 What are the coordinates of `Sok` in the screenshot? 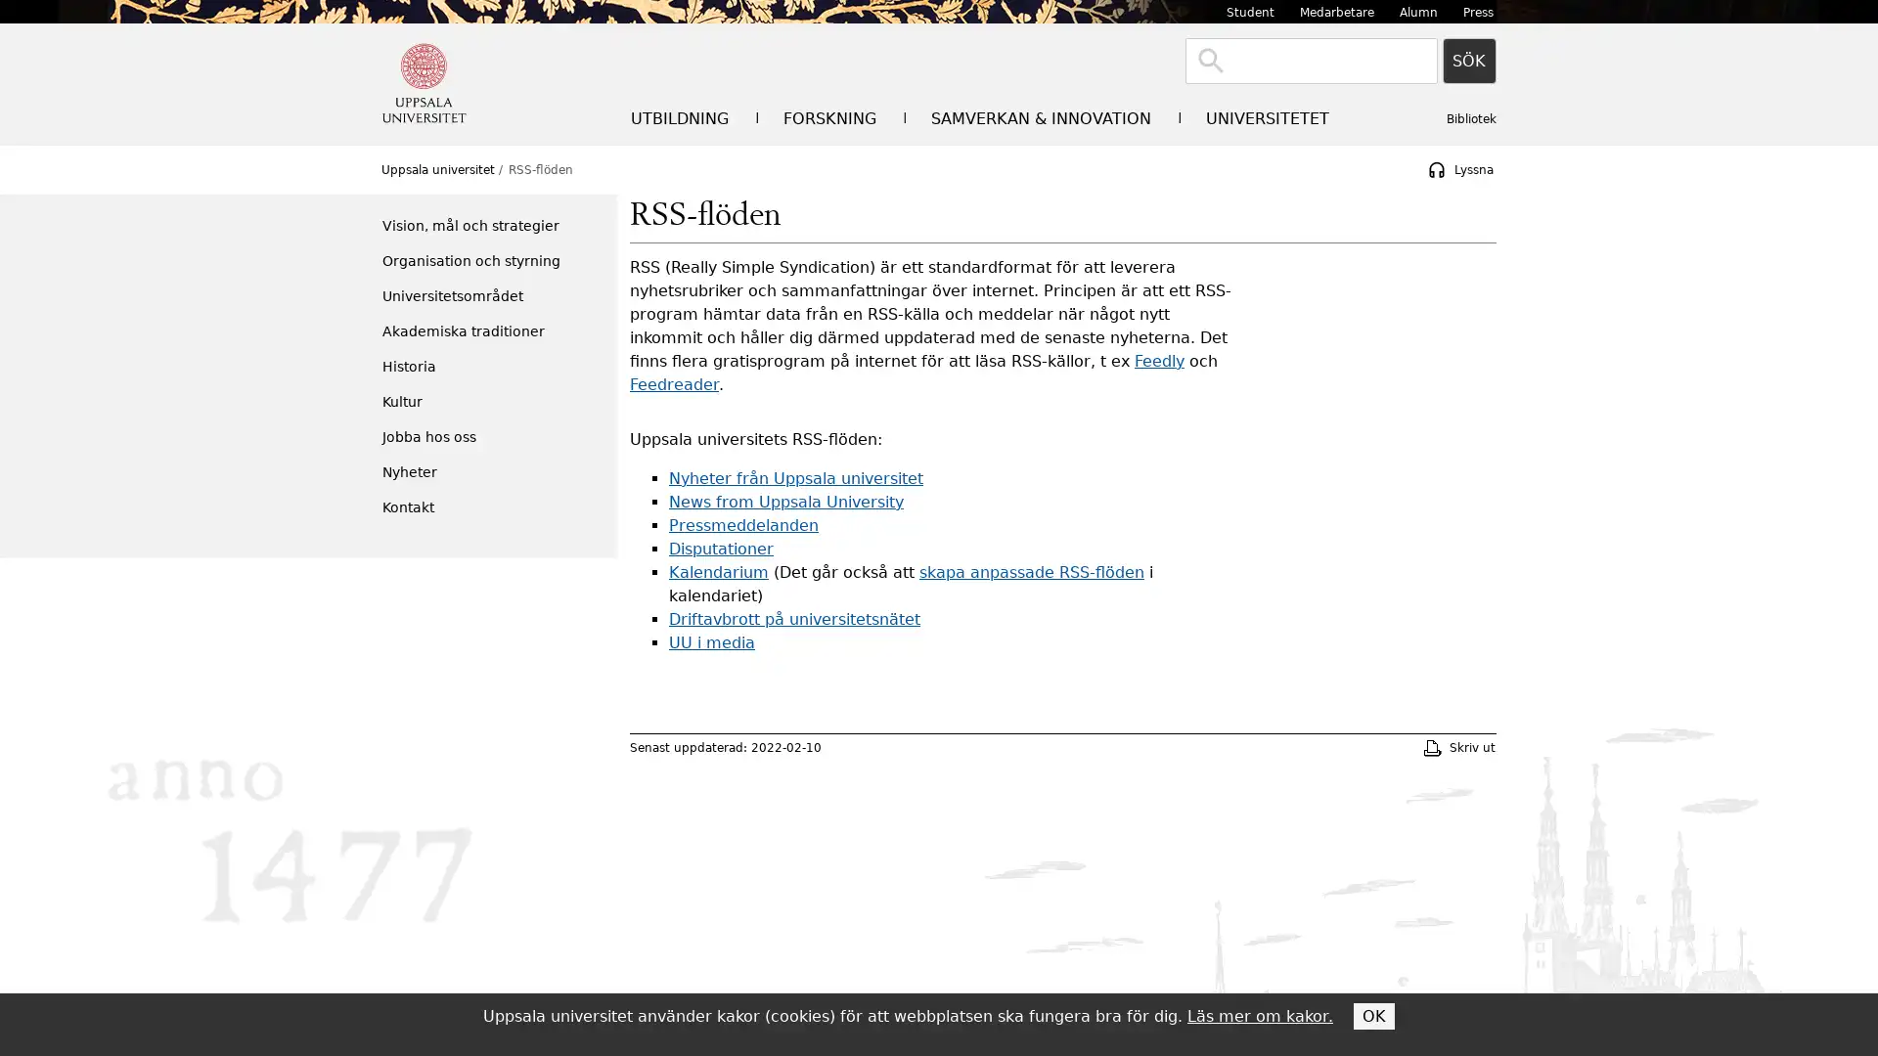 It's located at (1469, 60).